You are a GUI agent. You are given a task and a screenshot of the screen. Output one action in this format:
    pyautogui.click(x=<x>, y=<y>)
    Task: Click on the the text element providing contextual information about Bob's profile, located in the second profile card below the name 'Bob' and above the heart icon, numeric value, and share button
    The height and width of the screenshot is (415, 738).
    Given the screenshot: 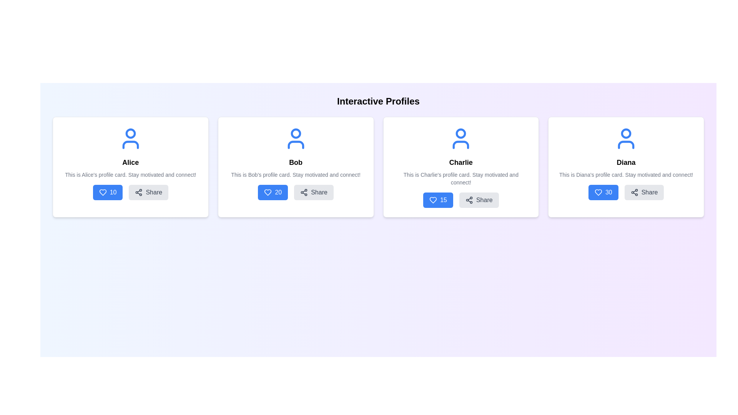 What is the action you would take?
    pyautogui.click(x=295, y=175)
    